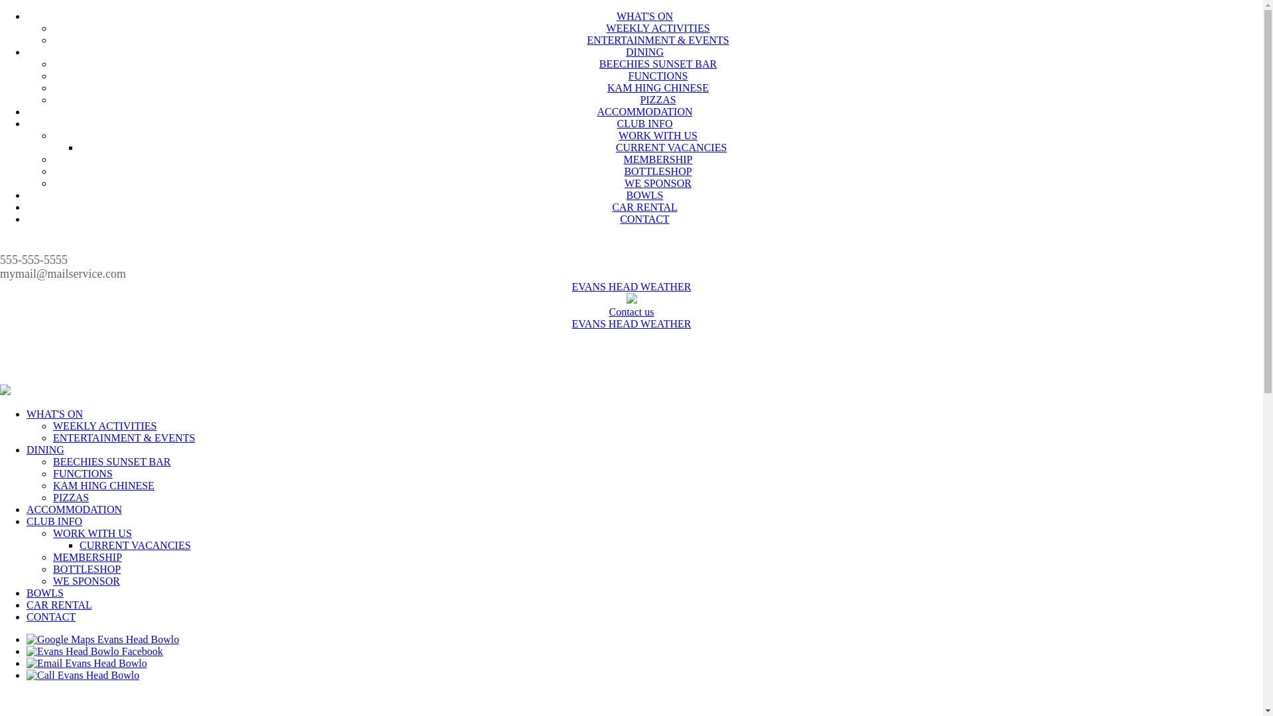 The image size is (1273, 716). What do you see at coordinates (644, 195) in the screenshot?
I see `'BOWLS'` at bounding box center [644, 195].